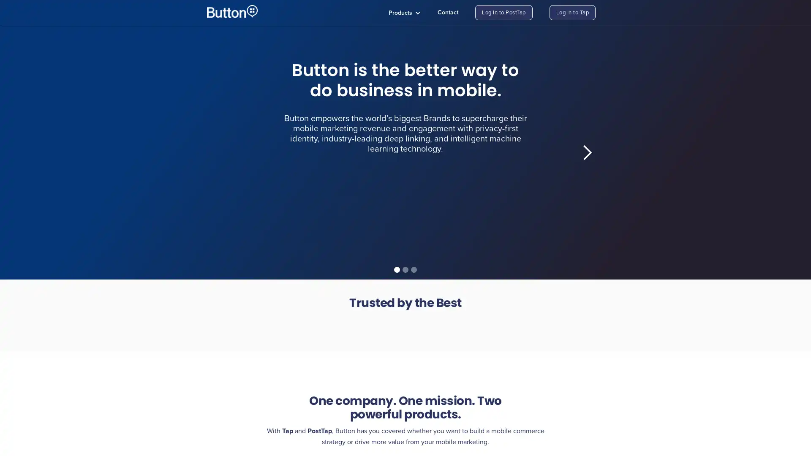 The image size is (811, 456). Describe the element at coordinates (405, 270) in the screenshot. I see `Show slide 2 of 3` at that location.